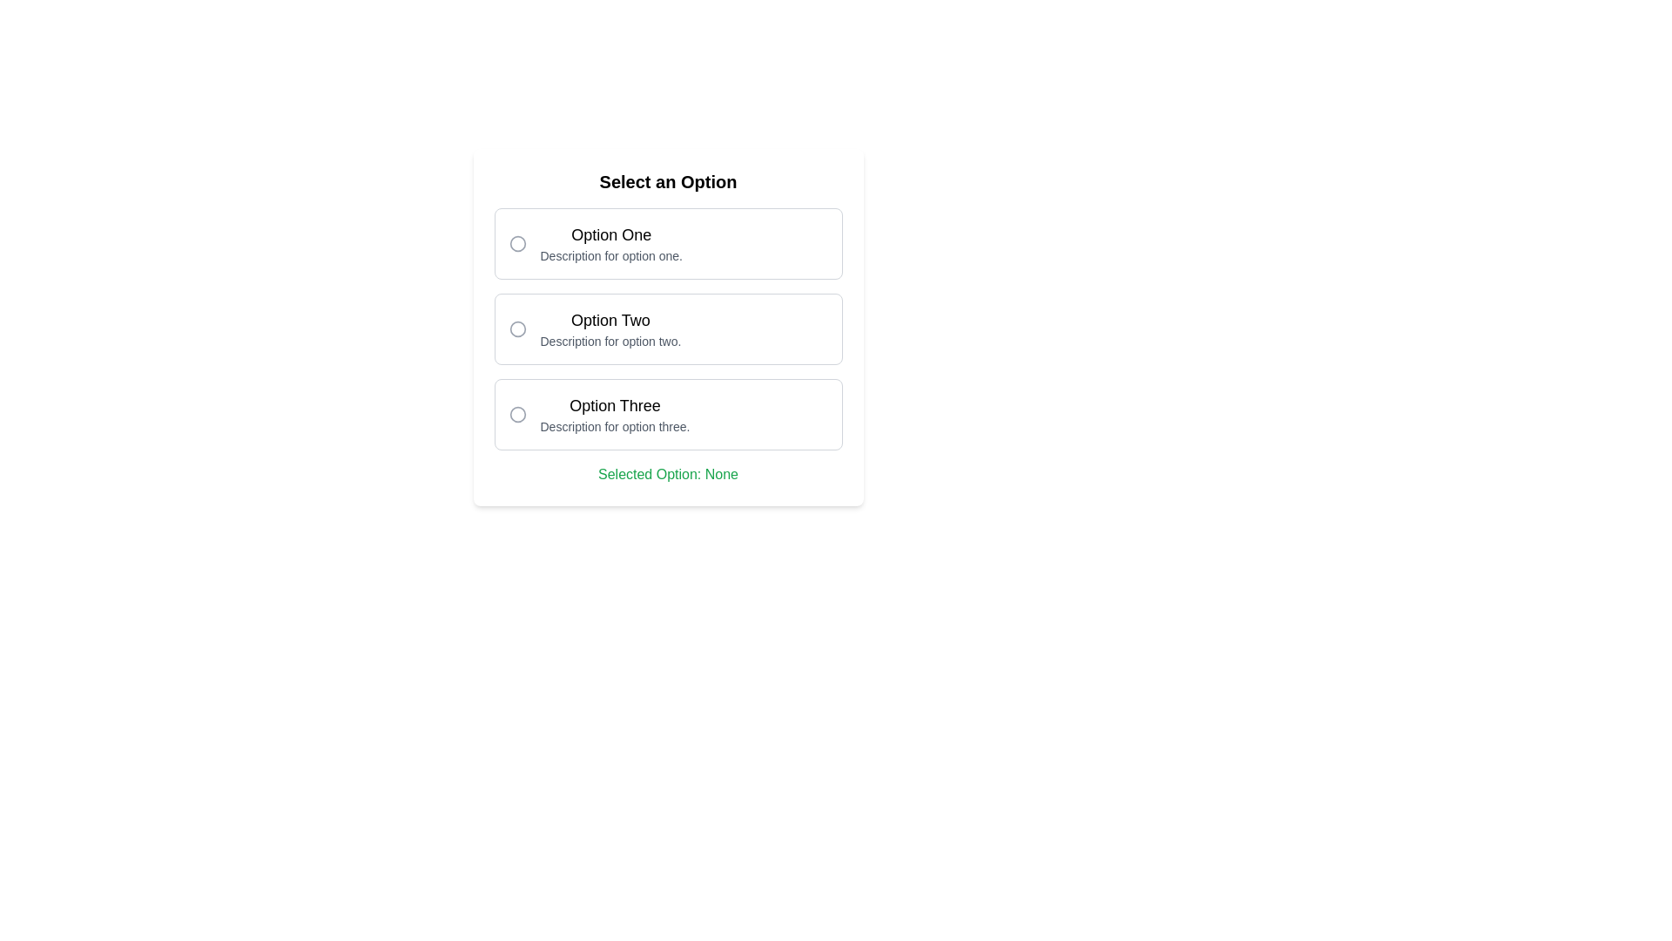 The width and height of the screenshot is (1672, 941). Describe the element at coordinates (667, 474) in the screenshot. I see `the Text Display that shows 'Selected Option: None' in green color, located at the bottom of the 'Select an Option' panel` at that location.